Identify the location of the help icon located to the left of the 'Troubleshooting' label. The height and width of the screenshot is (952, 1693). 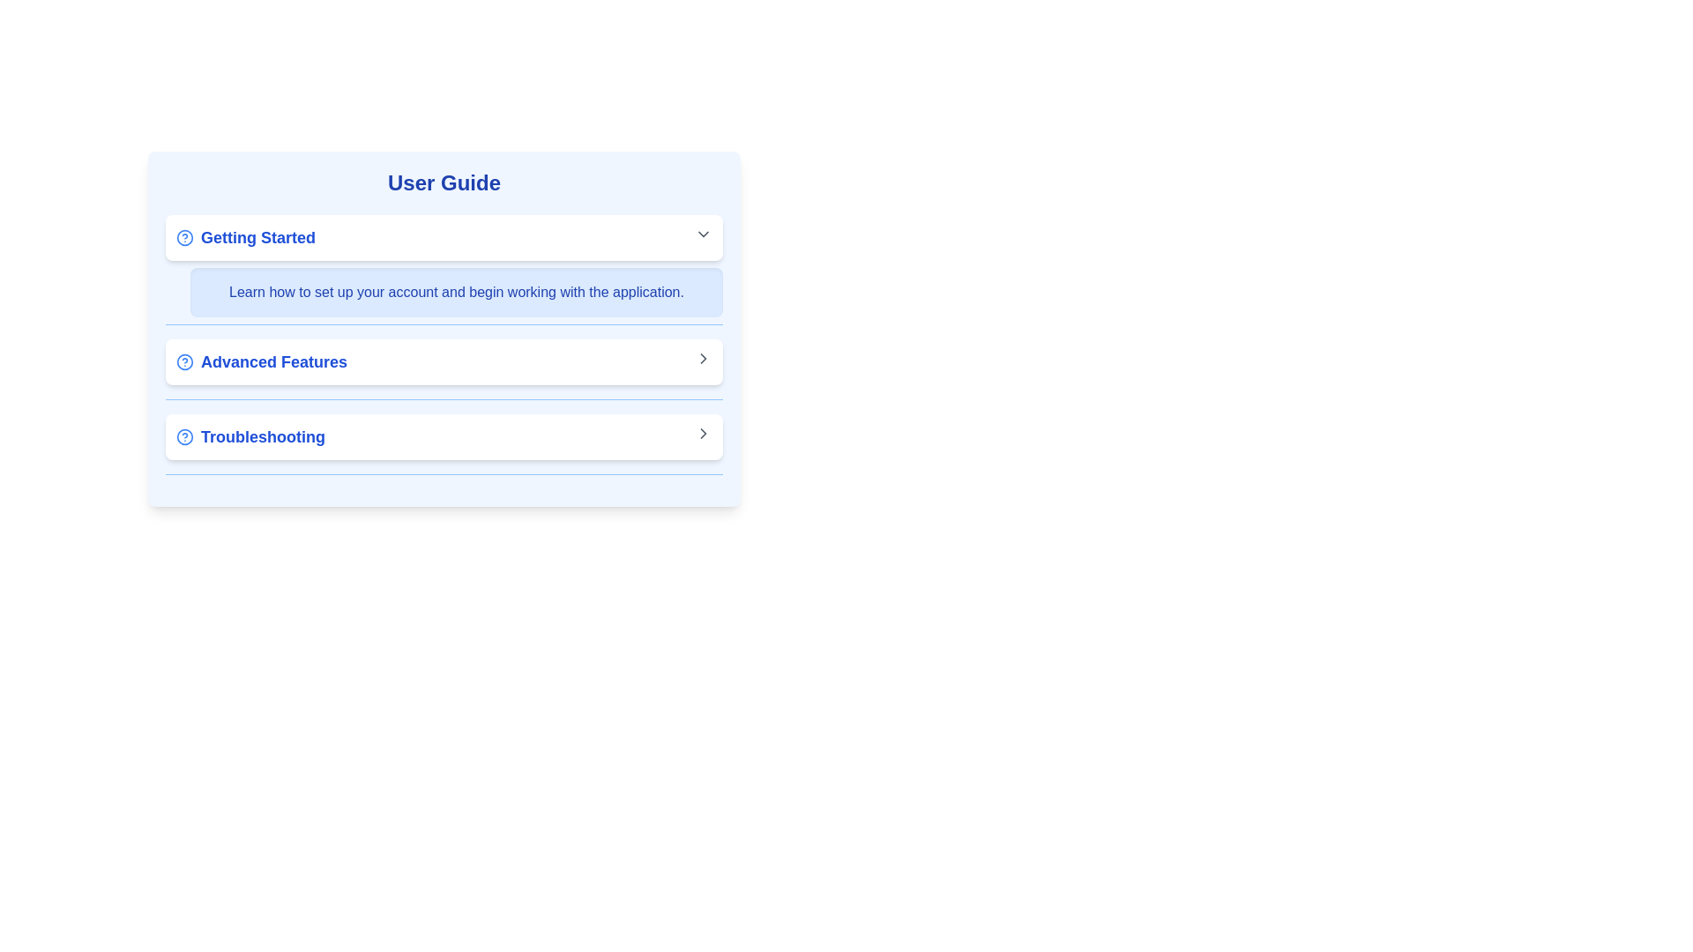
(185, 436).